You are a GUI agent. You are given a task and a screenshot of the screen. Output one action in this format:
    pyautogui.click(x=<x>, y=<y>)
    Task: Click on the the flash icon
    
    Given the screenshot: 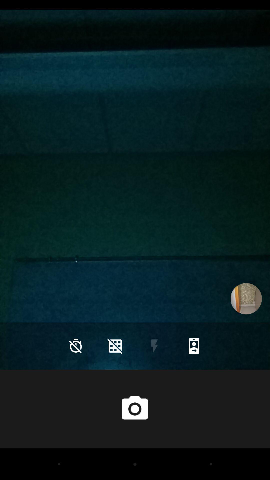 What is the action you would take?
    pyautogui.click(x=154, y=346)
    